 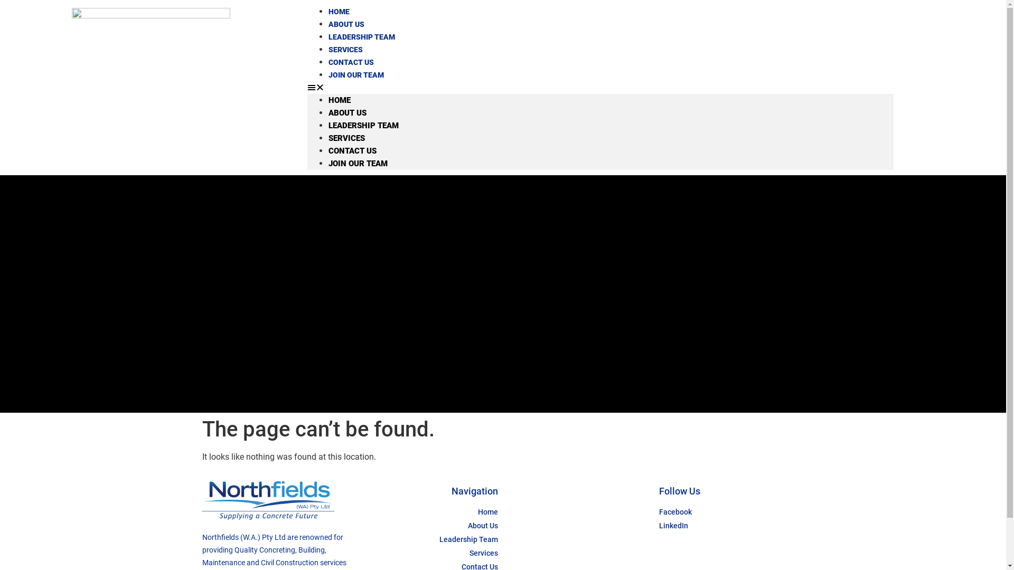 I want to click on 'Home', so click(x=428, y=511).